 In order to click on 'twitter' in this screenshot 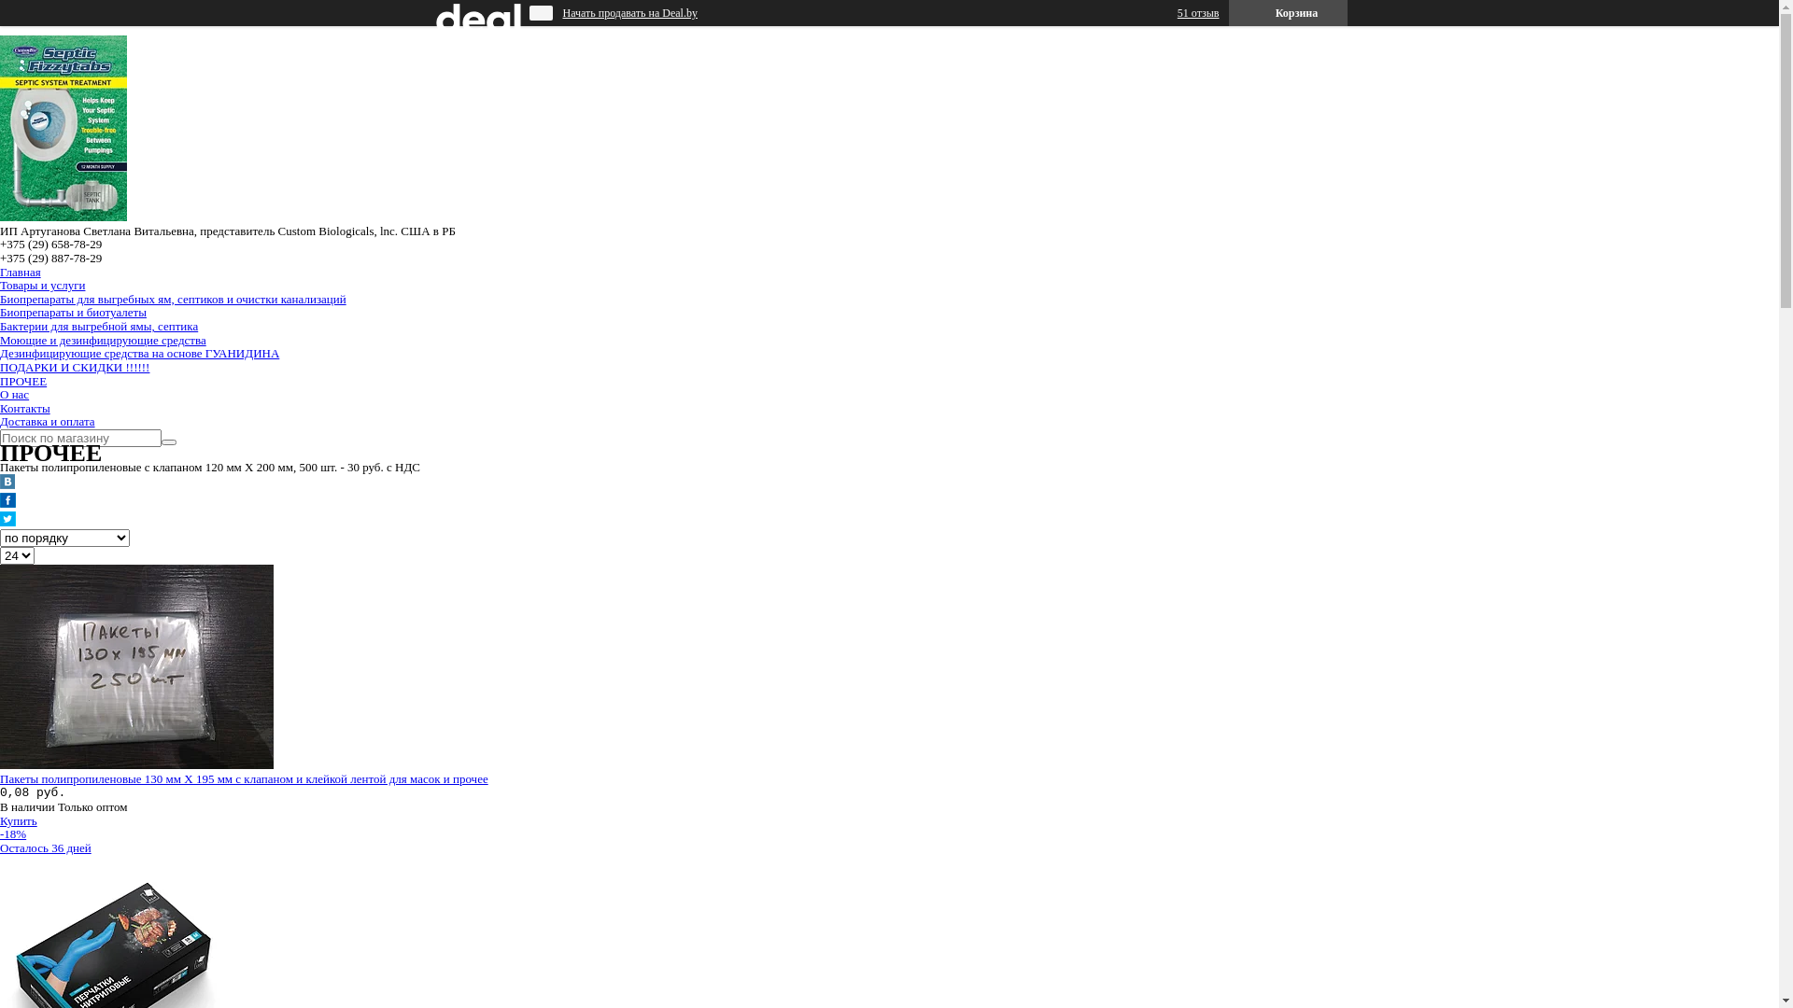, I will do `click(7, 522)`.